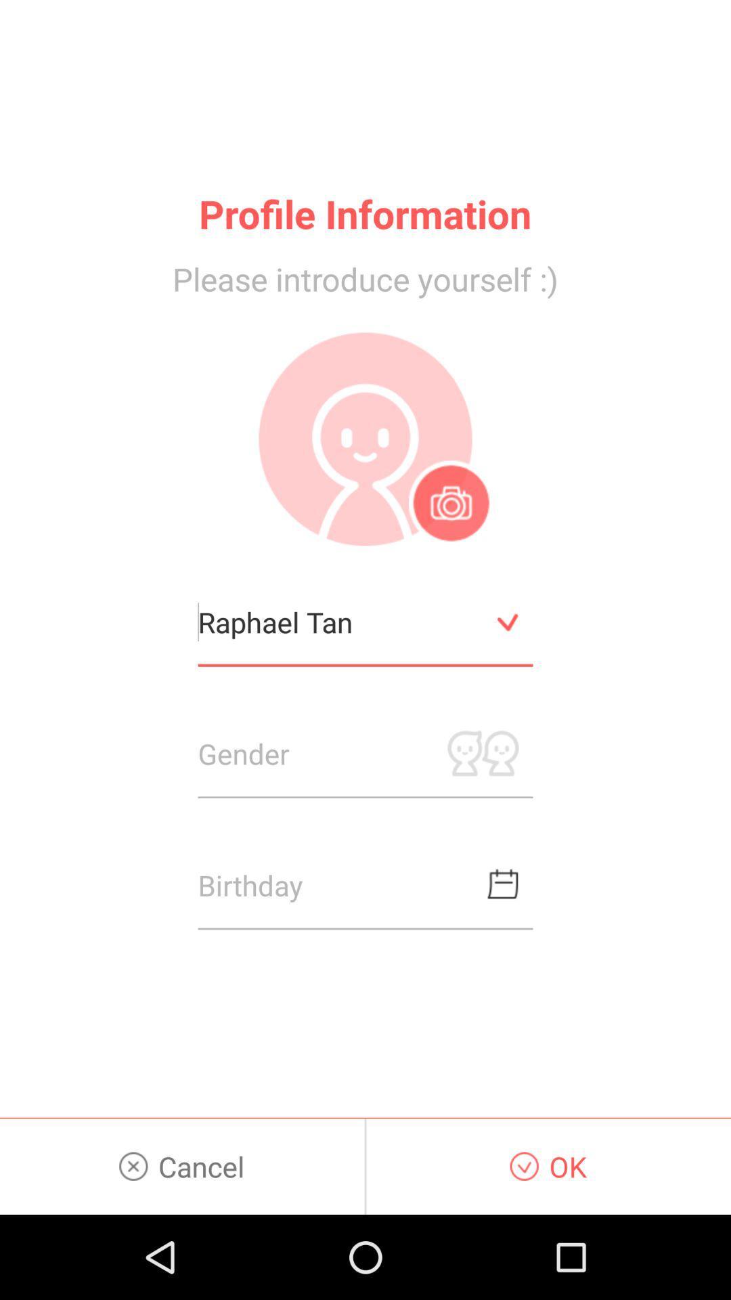 The image size is (731, 1300). Describe the element at coordinates (508, 666) in the screenshot. I see `the check icon` at that location.